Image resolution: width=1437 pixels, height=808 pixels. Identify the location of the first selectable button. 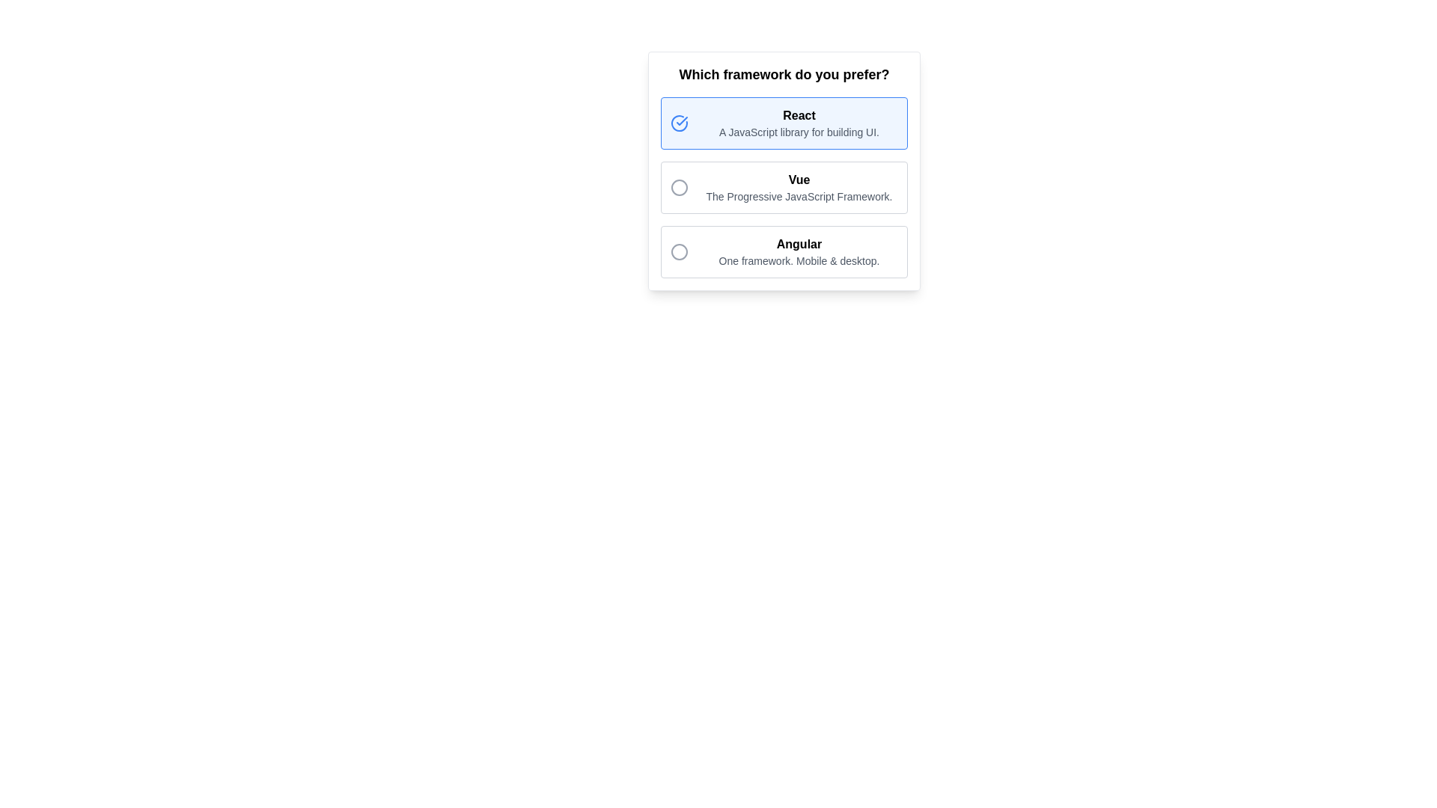
(783, 123).